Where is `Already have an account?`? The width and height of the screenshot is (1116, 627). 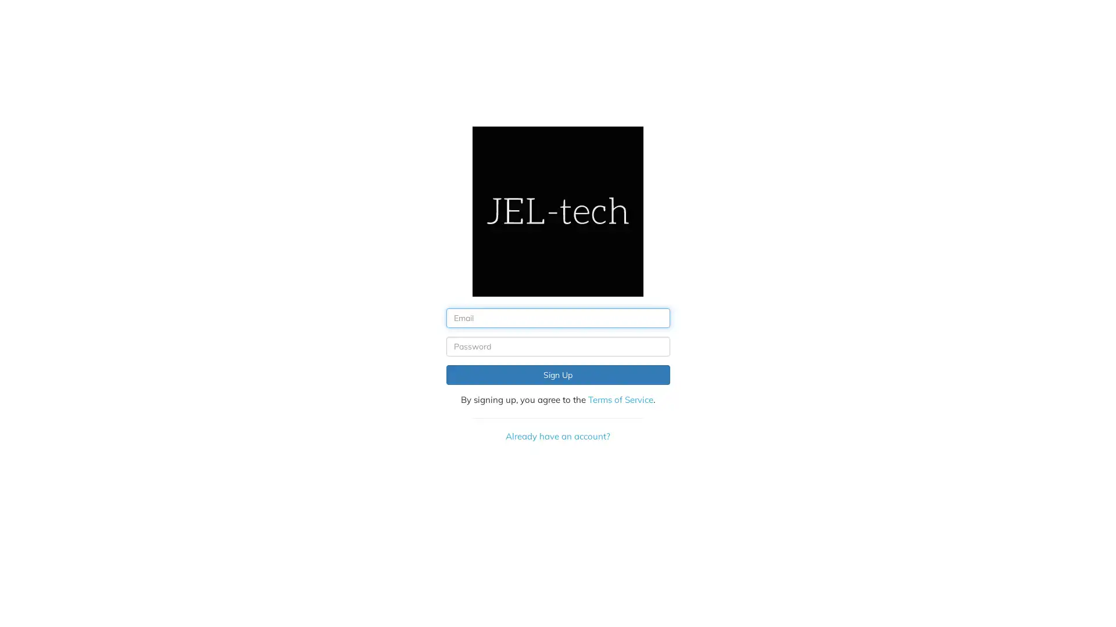
Already have an account? is located at coordinates (557, 435).